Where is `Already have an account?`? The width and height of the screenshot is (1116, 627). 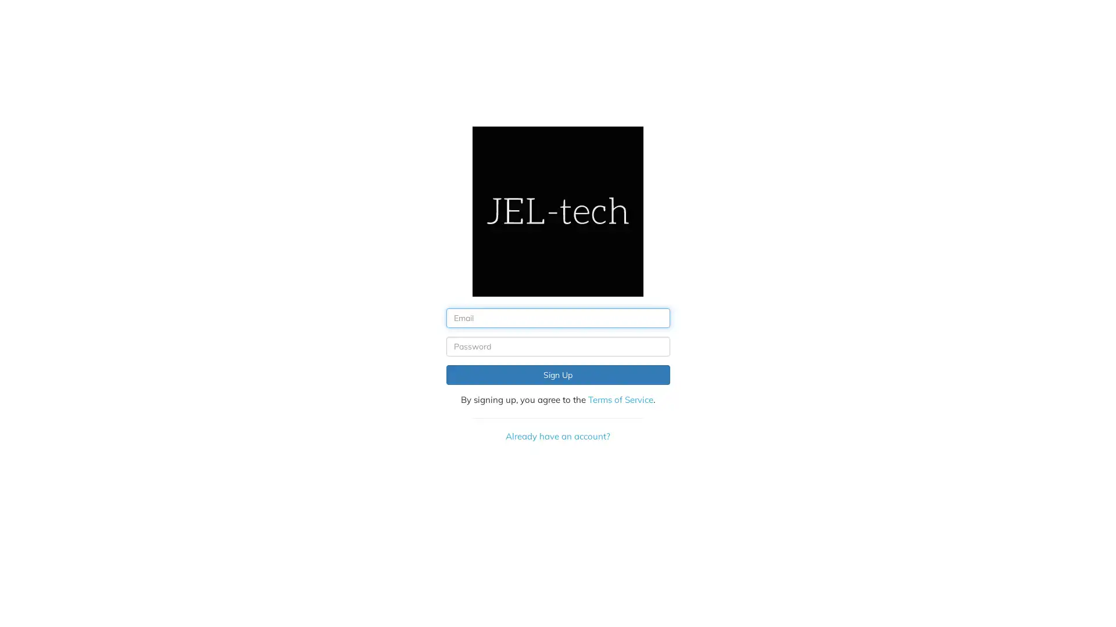
Already have an account? is located at coordinates (557, 435).